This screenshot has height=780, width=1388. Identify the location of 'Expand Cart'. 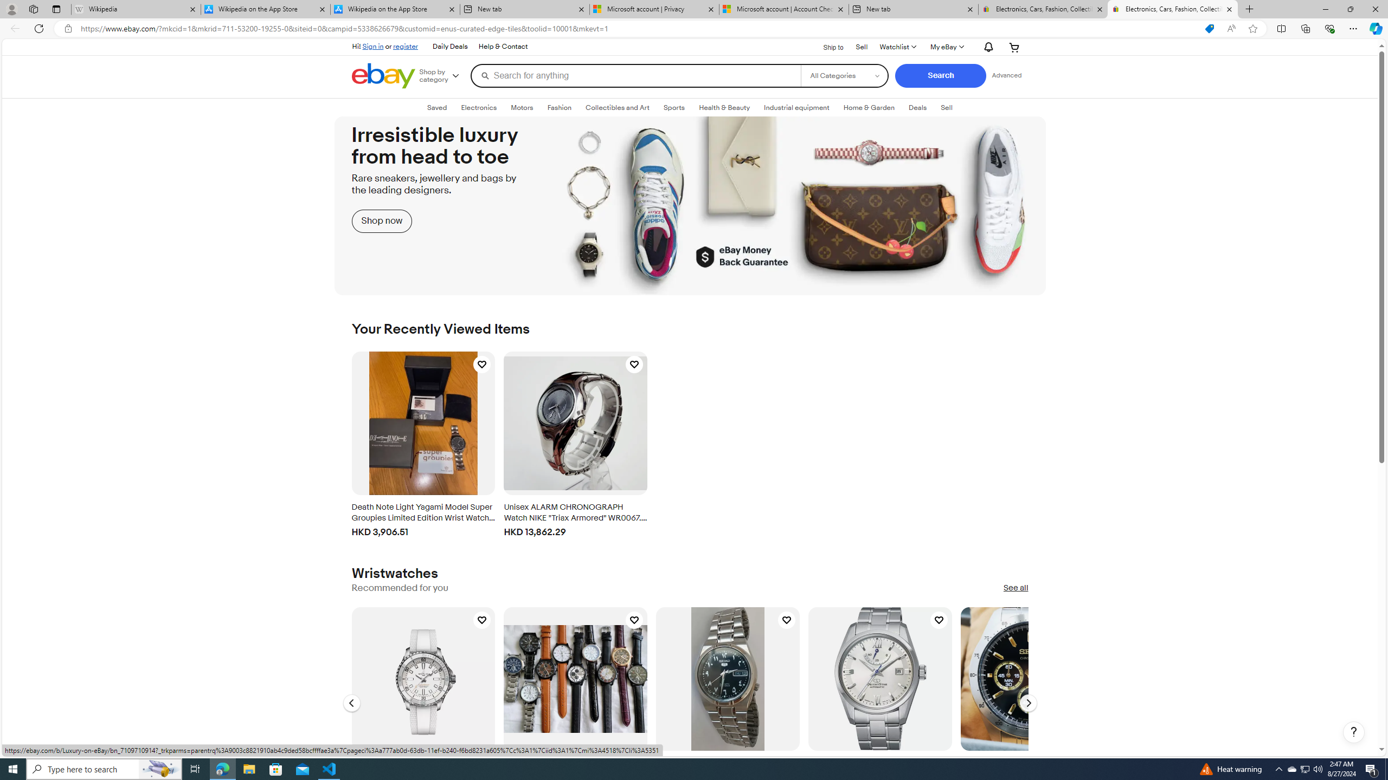
(1014, 47).